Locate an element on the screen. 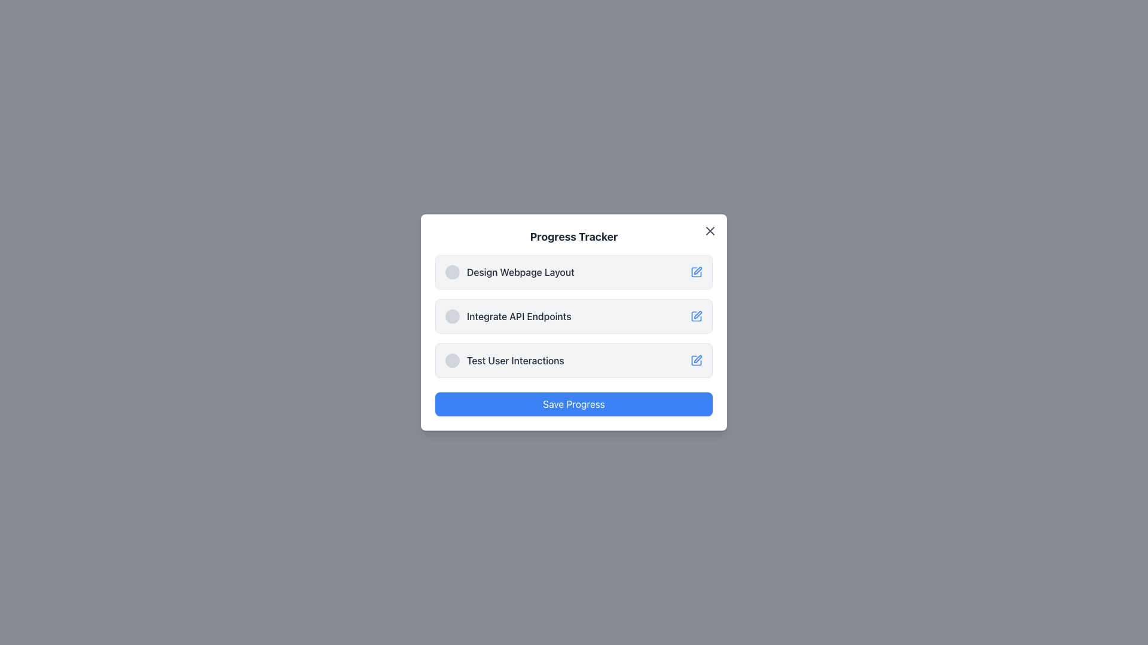 The image size is (1148, 645). the edit icon within the SVG graphic component associated with the task 'Integrate API Endpoints' in the second list item is located at coordinates (698, 314).